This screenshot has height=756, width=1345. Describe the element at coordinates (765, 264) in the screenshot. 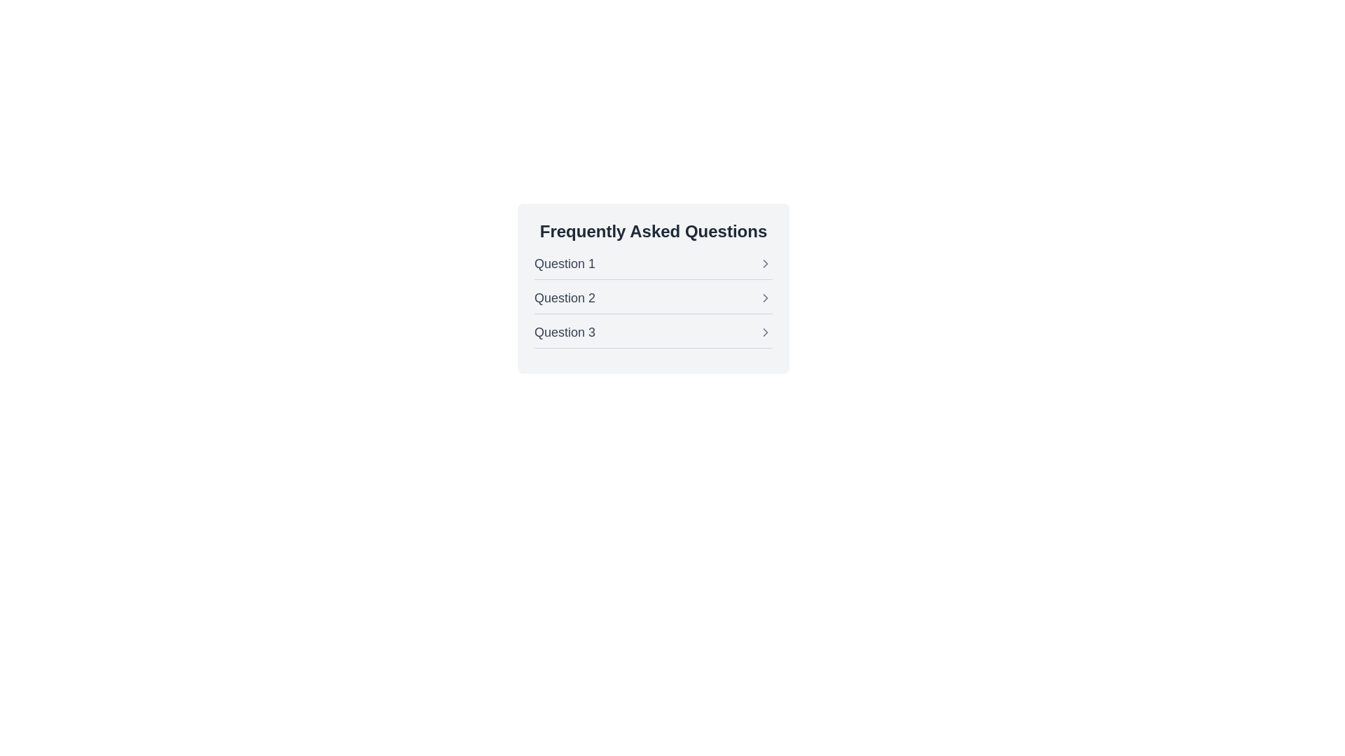

I see `the arrow icon pointing to the right, which is located to the right of the text 'Question 1' in the 'Frequently Asked Questions' section` at that location.